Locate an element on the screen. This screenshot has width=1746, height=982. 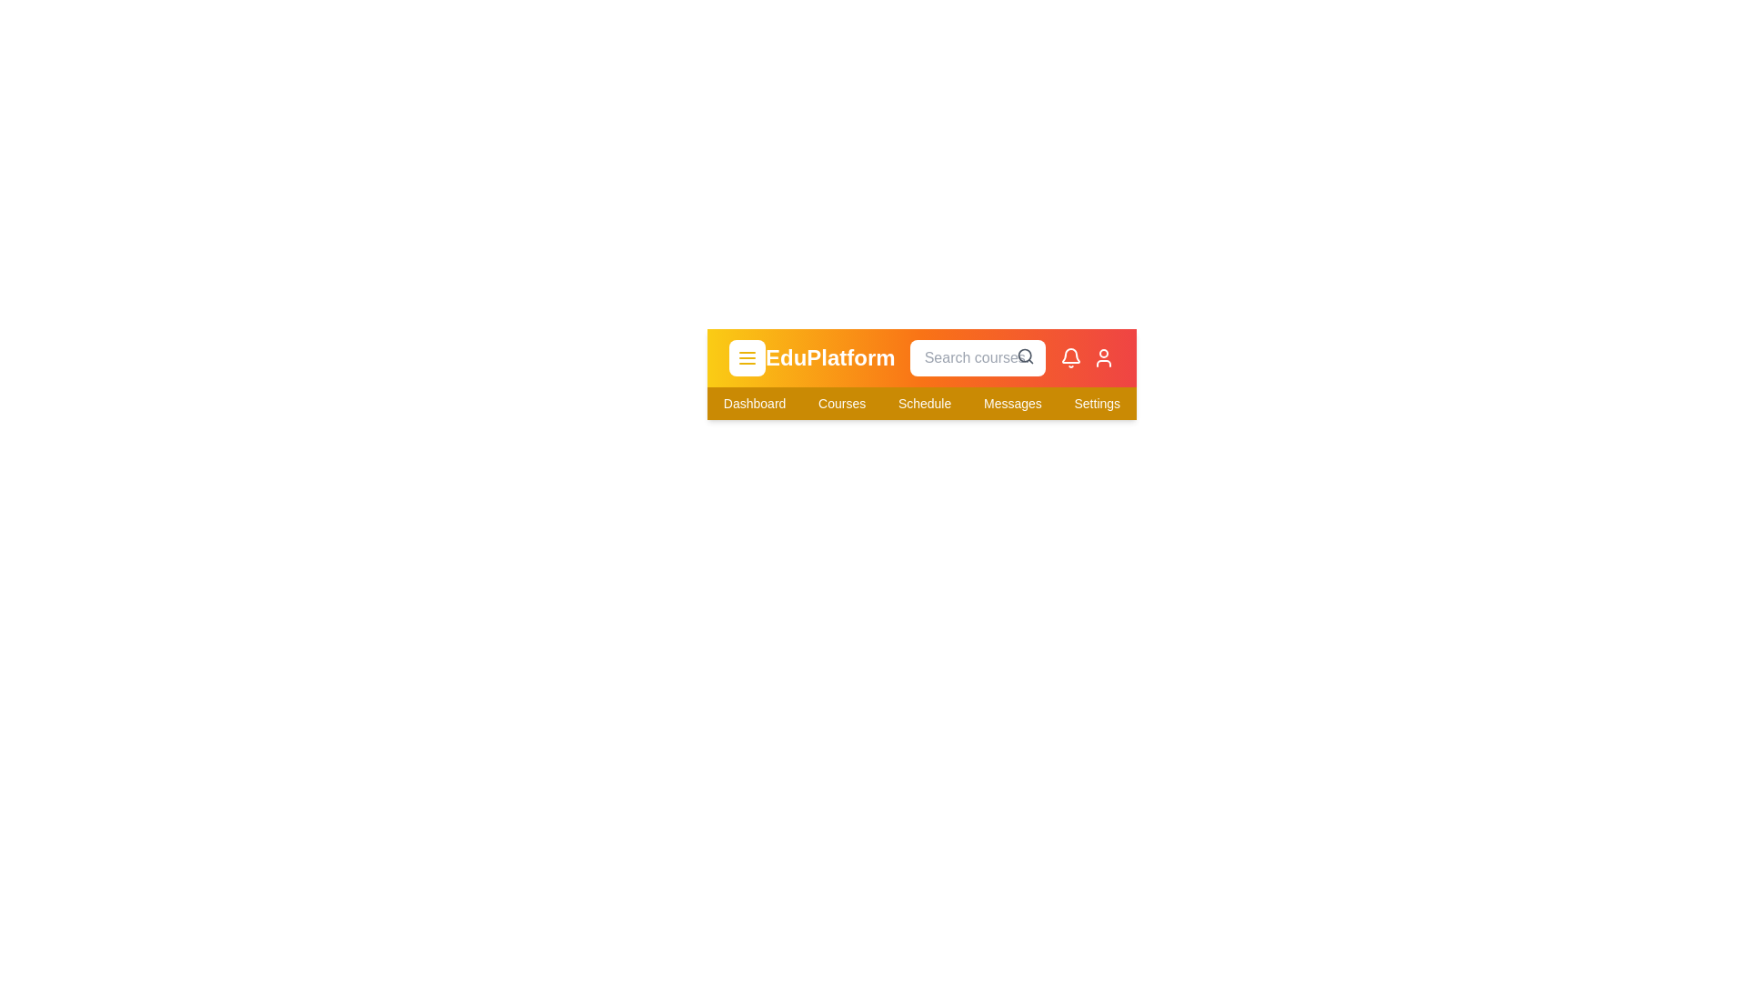
the user icon to access user options is located at coordinates (1103, 357).